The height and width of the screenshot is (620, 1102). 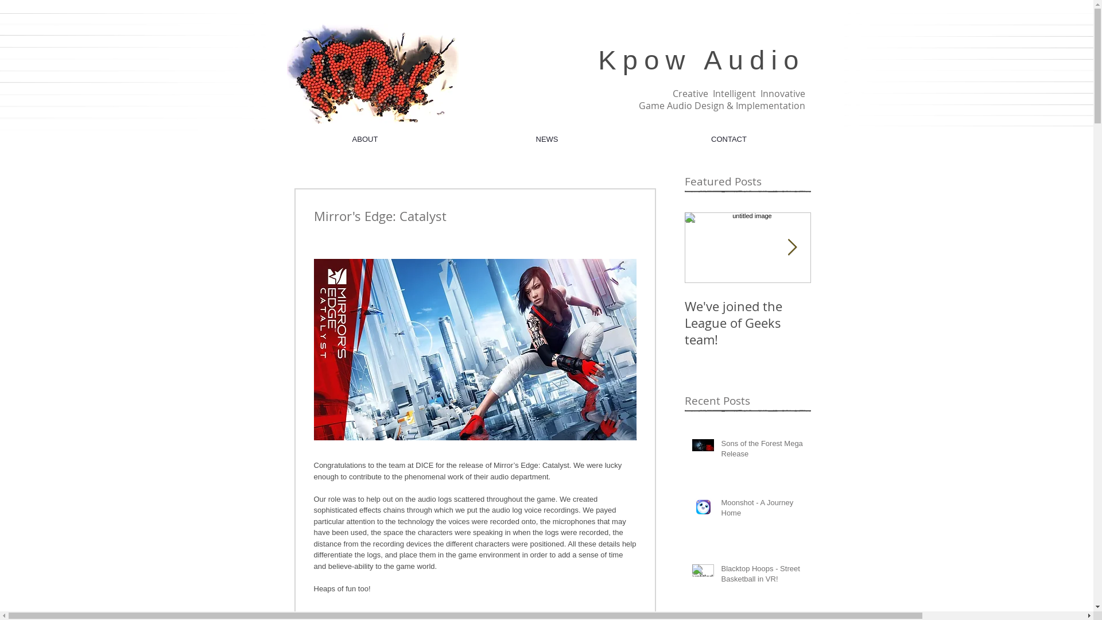 What do you see at coordinates (762, 509) in the screenshot?
I see `'Moonshot - A Journey Home'` at bounding box center [762, 509].